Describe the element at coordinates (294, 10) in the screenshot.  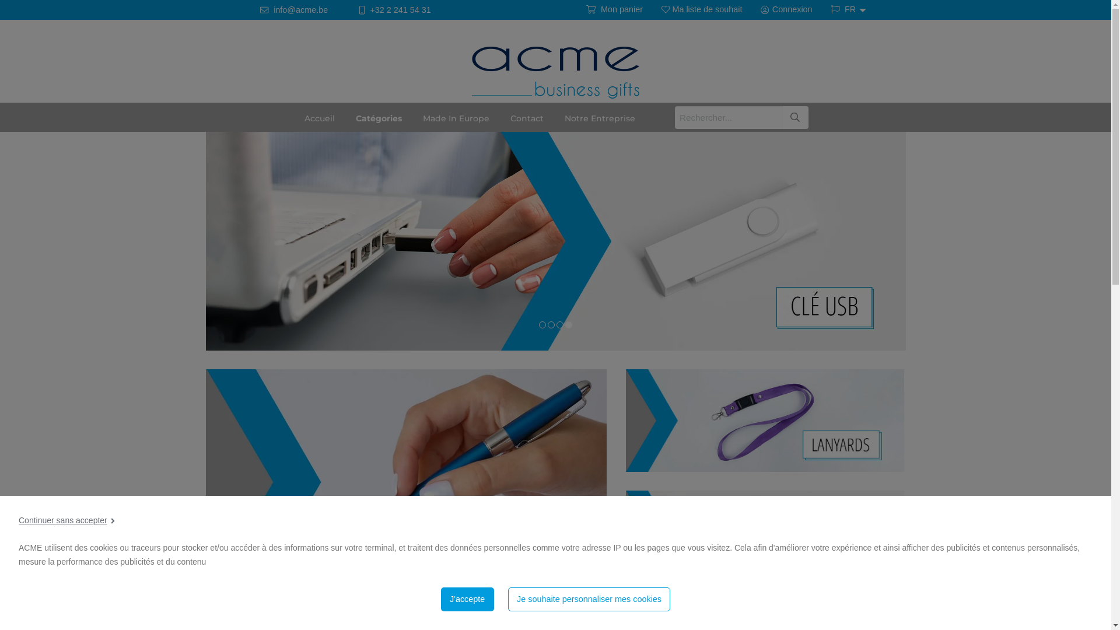
I see `'info@acme.be'` at that location.